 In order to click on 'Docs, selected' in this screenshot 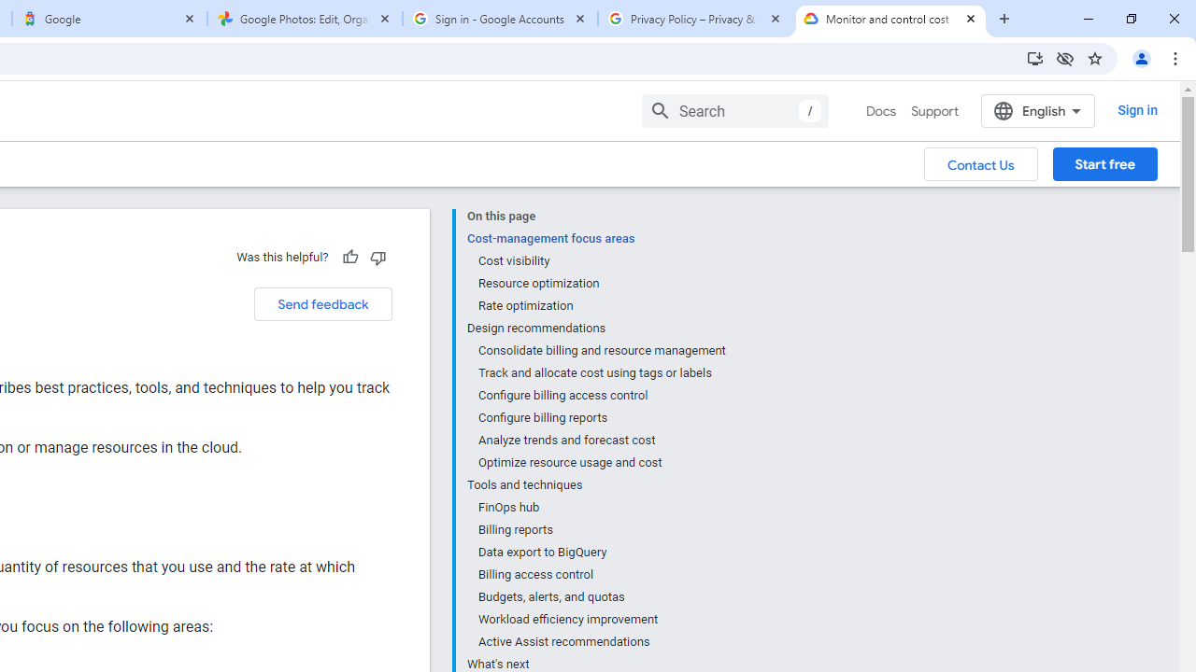, I will do `click(879, 111)`.